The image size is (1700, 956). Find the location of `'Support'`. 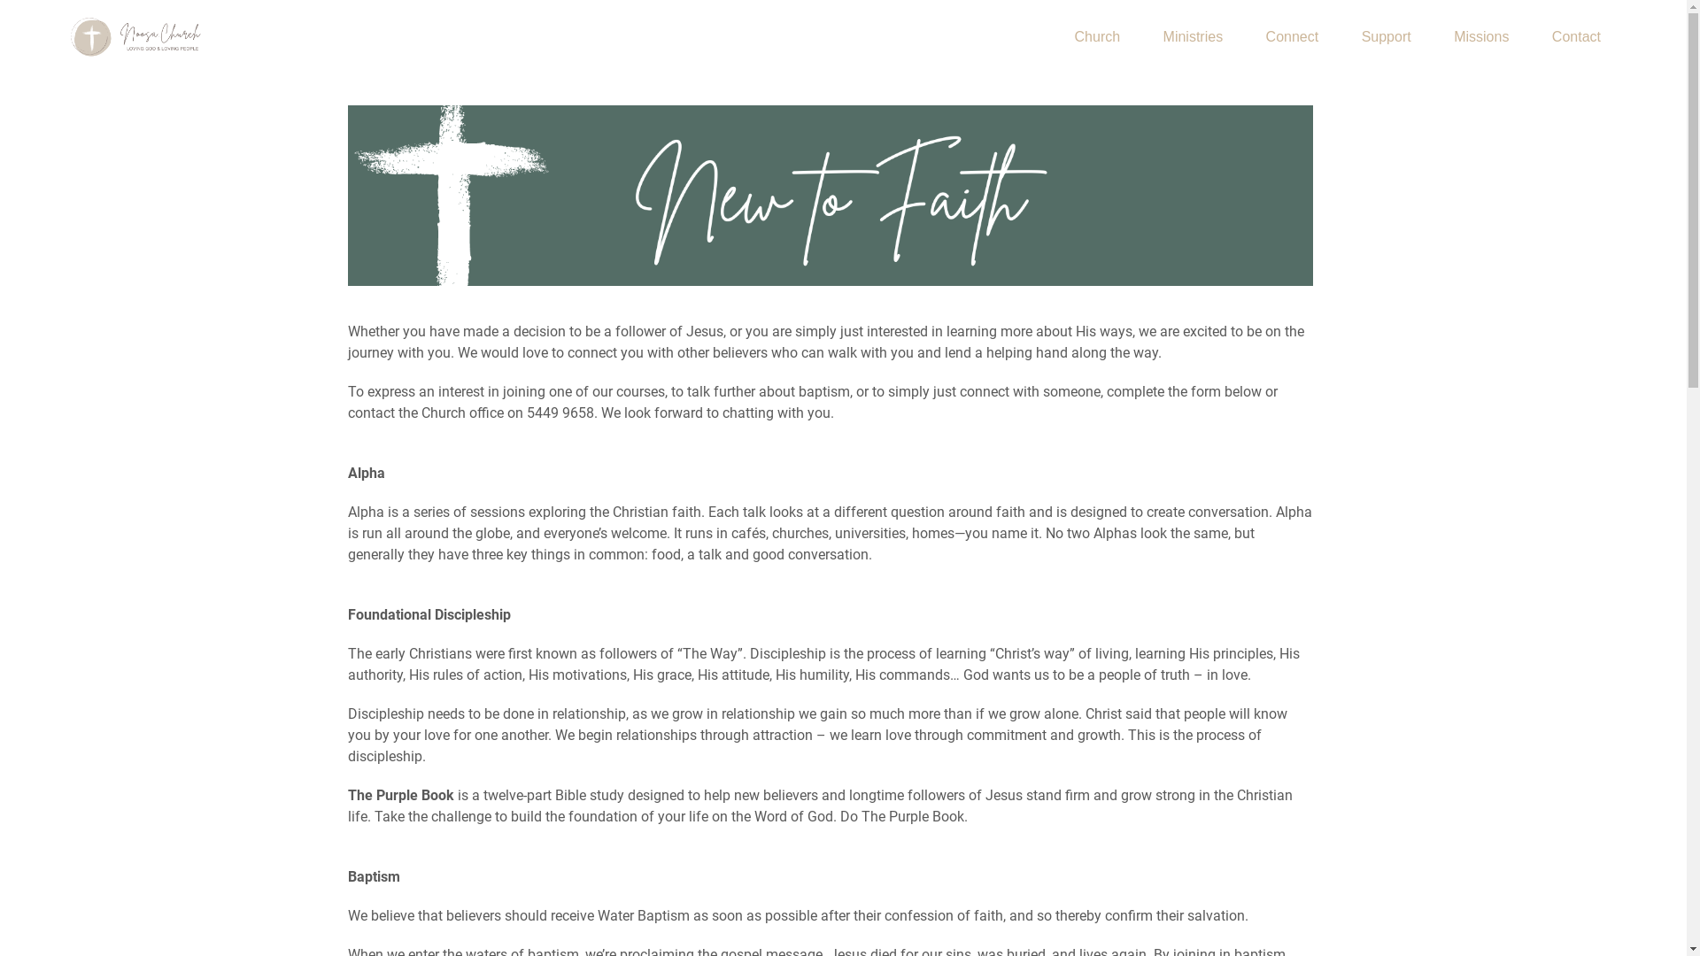

'Support' is located at coordinates (1385, 37).